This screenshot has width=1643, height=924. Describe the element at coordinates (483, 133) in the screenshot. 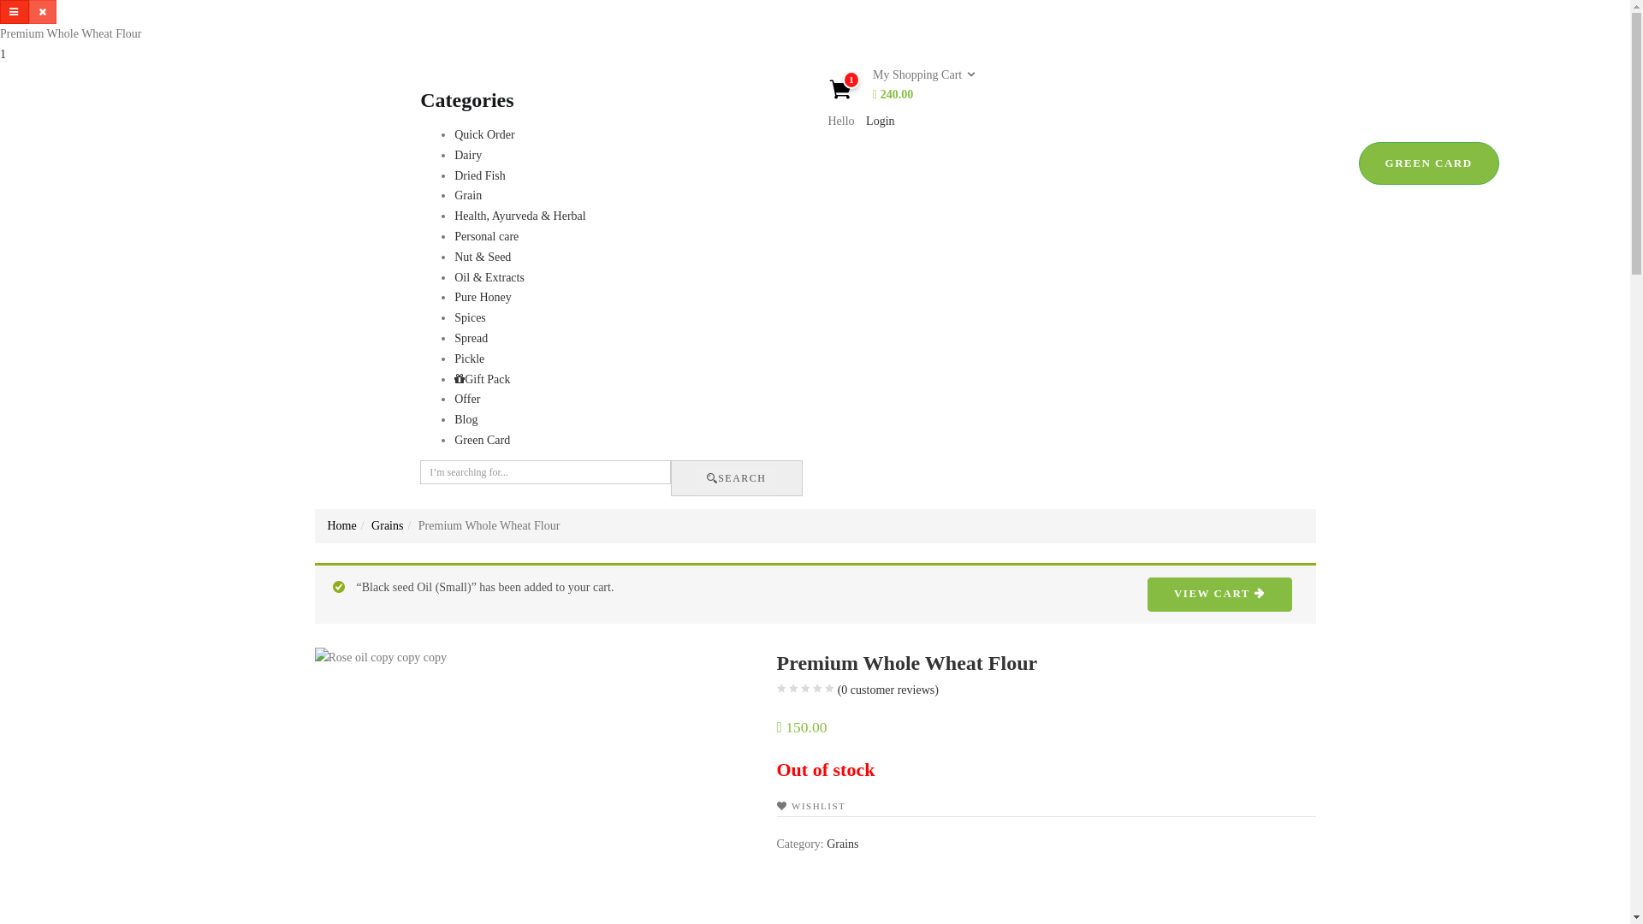

I see `'Quick Order'` at that location.